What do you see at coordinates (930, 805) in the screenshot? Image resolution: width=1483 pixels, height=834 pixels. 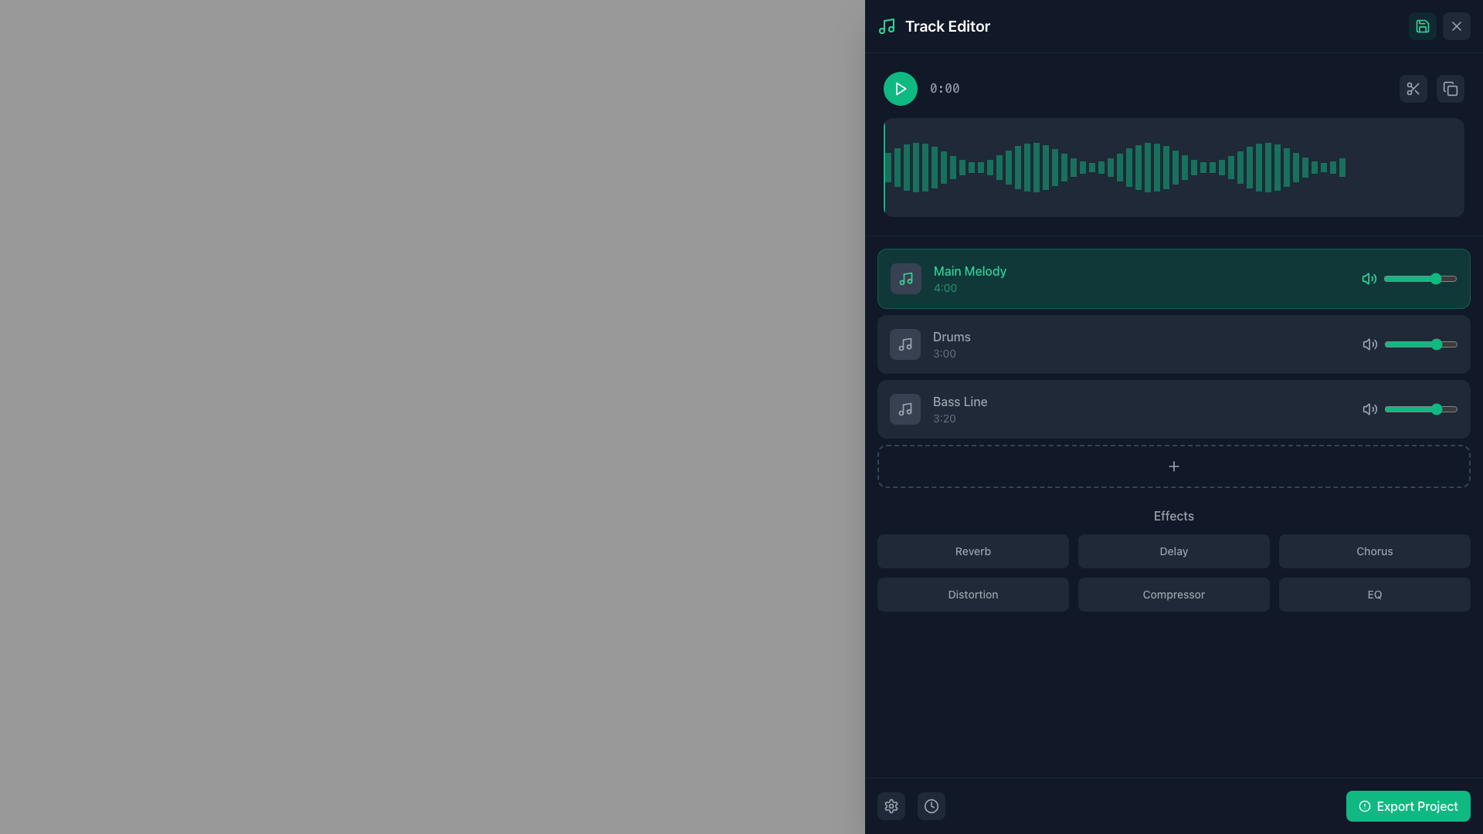 I see `the rounded square button with a dark gray background and a clock icon in the center` at bounding box center [930, 805].